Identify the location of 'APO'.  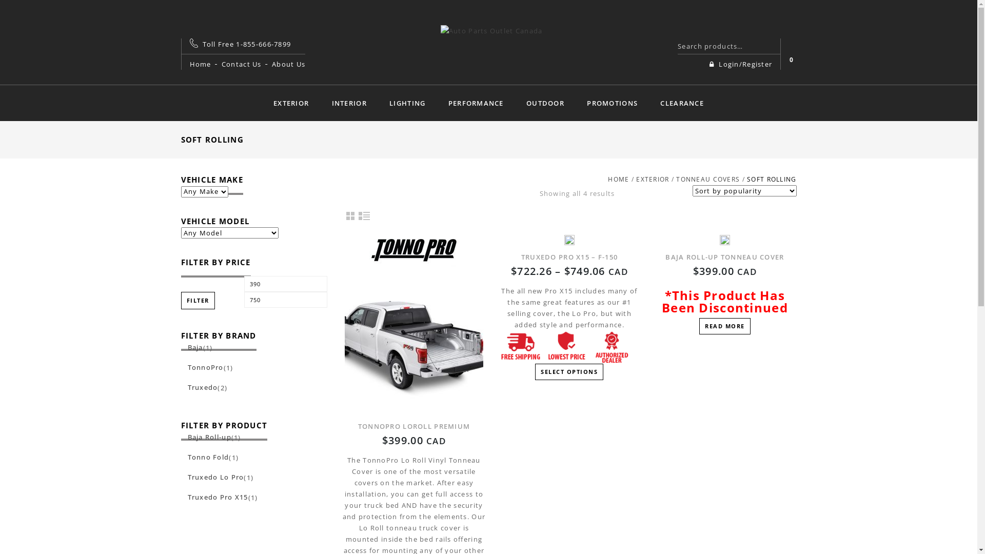
(491, 29).